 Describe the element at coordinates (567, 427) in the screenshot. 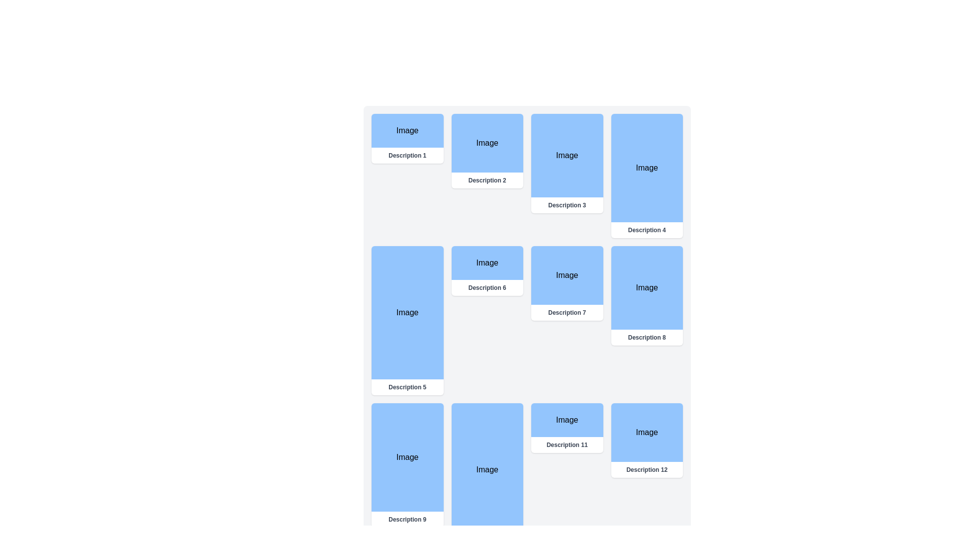

I see `the Card with an image and description located in the third row and third column of the grid layout` at that location.